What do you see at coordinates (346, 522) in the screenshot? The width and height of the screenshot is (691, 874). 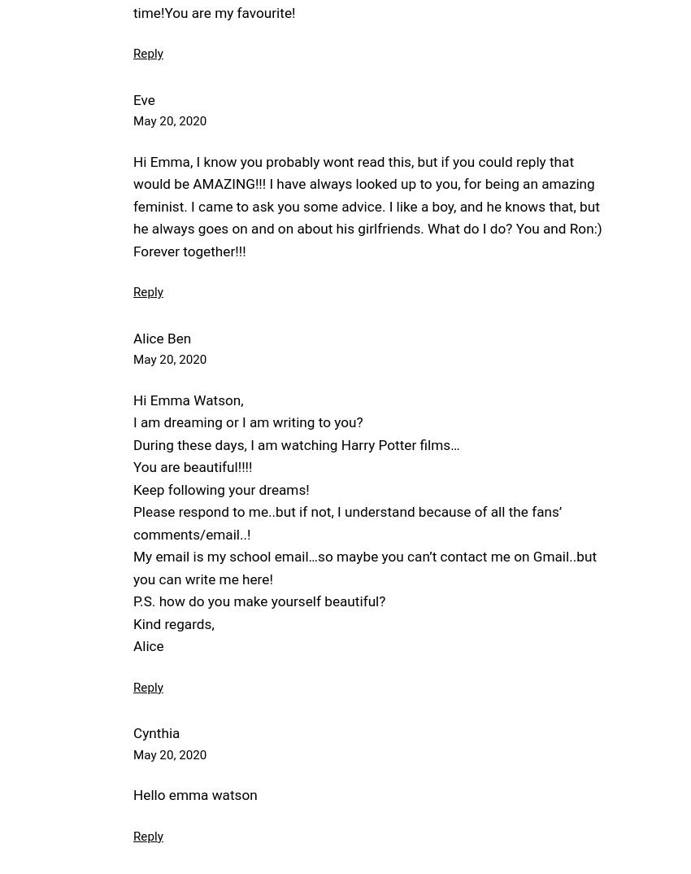 I see `'Please respond to me..but if not, I understand because of all the fans’ comments/email..!'` at bounding box center [346, 522].